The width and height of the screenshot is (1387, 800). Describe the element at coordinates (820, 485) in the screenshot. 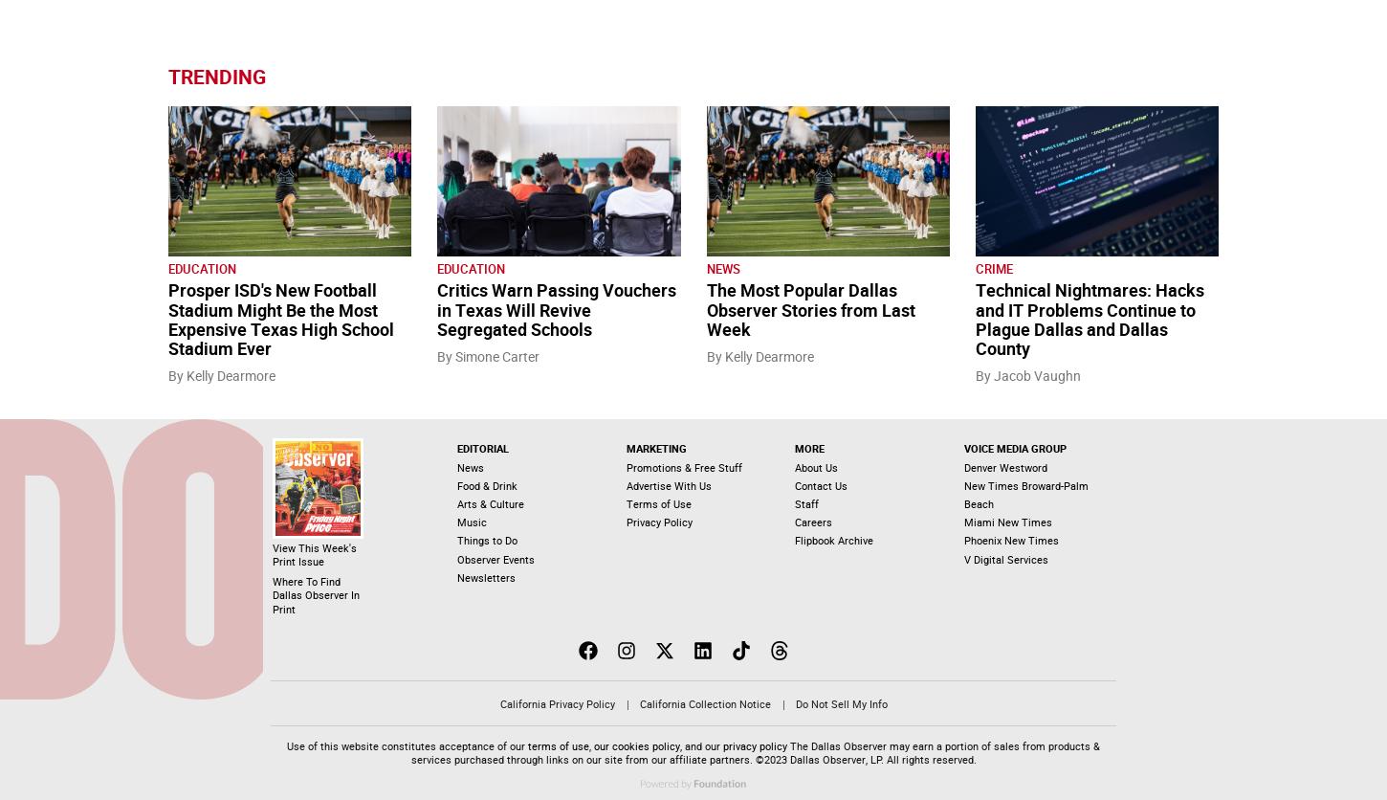

I see `'Contact Us'` at that location.